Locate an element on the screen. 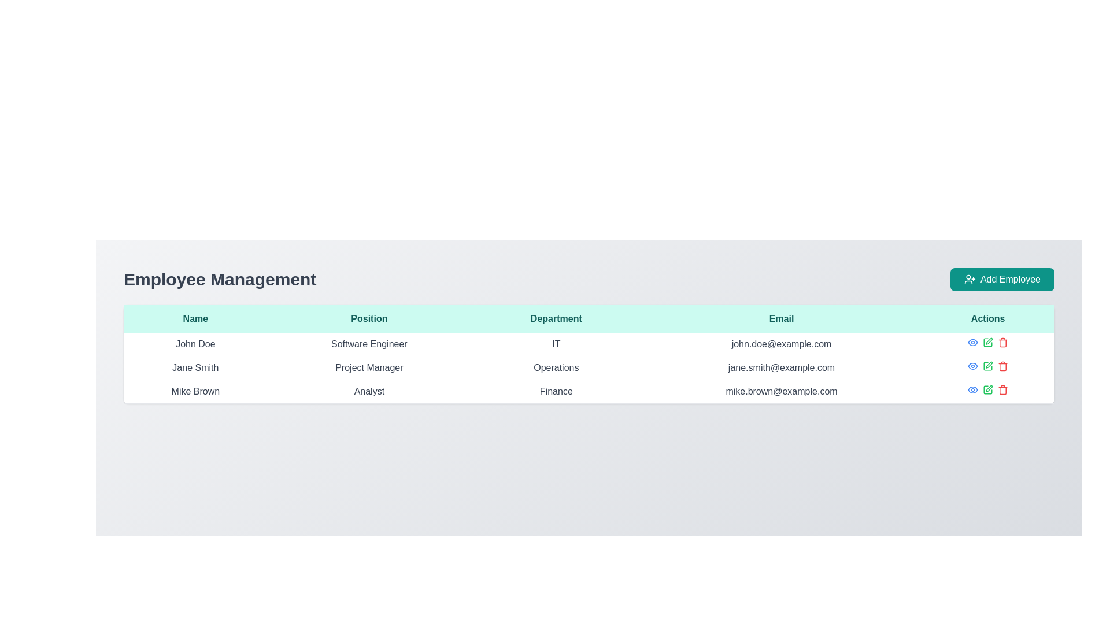 This screenshot has height=624, width=1110. the Text label displaying the email address in the second row of the table under the 'Email' column header, which is positioned to the right of 'Operations' and to the left of the interactive action buttons is located at coordinates (782, 367).